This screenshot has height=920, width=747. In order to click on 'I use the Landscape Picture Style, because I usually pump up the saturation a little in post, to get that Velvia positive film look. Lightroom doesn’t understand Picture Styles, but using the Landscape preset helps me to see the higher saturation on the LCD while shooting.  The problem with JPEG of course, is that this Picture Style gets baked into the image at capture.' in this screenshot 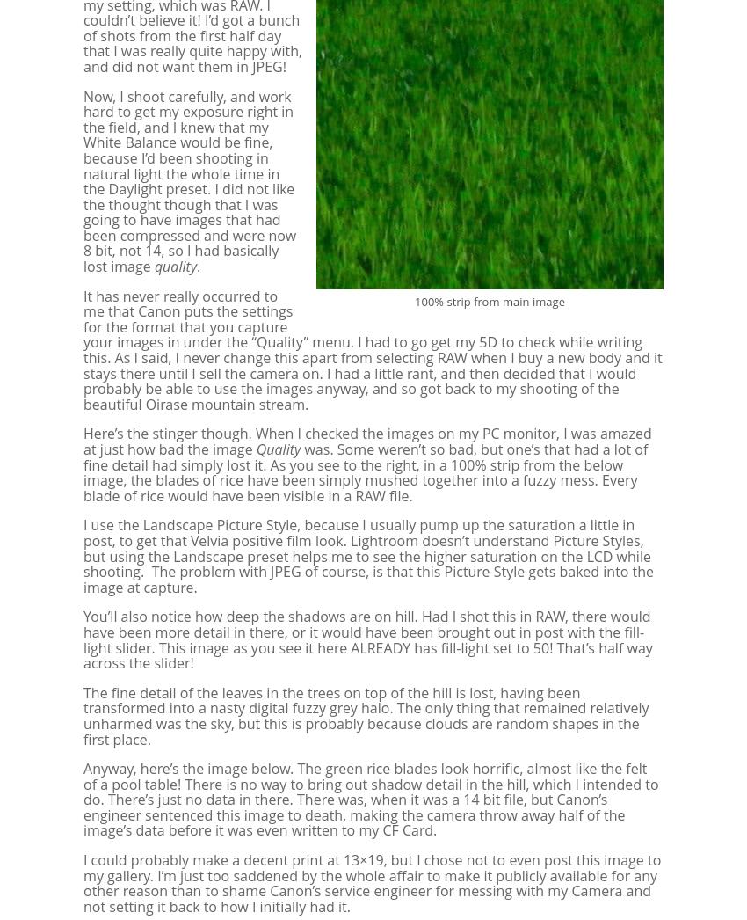, I will do `click(83, 554)`.